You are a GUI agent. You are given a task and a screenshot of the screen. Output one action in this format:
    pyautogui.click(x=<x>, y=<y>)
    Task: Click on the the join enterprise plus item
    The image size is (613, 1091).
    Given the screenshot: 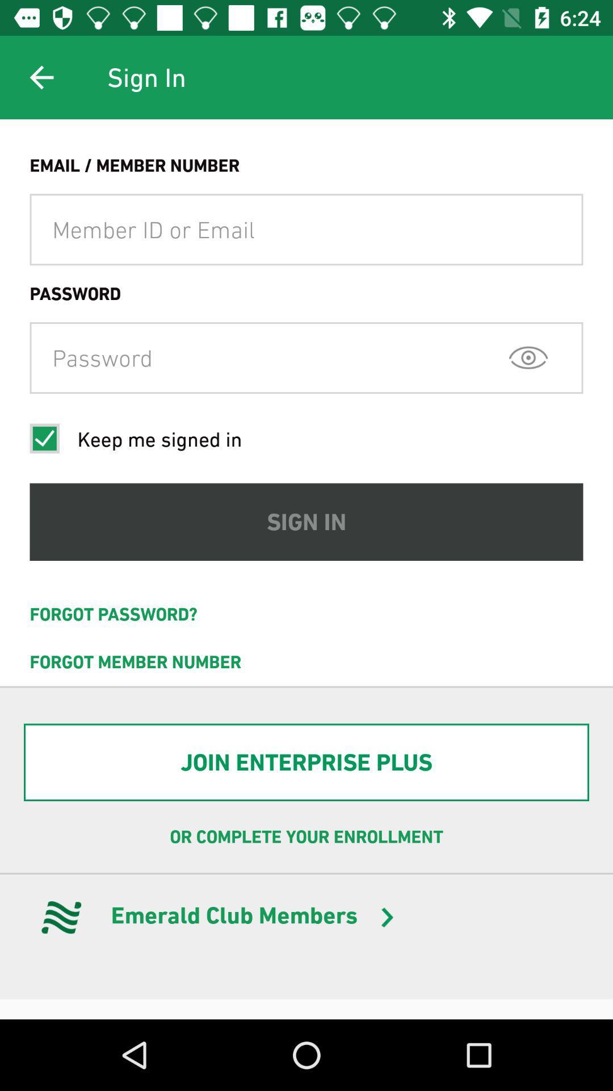 What is the action you would take?
    pyautogui.click(x=306, y=762)
    